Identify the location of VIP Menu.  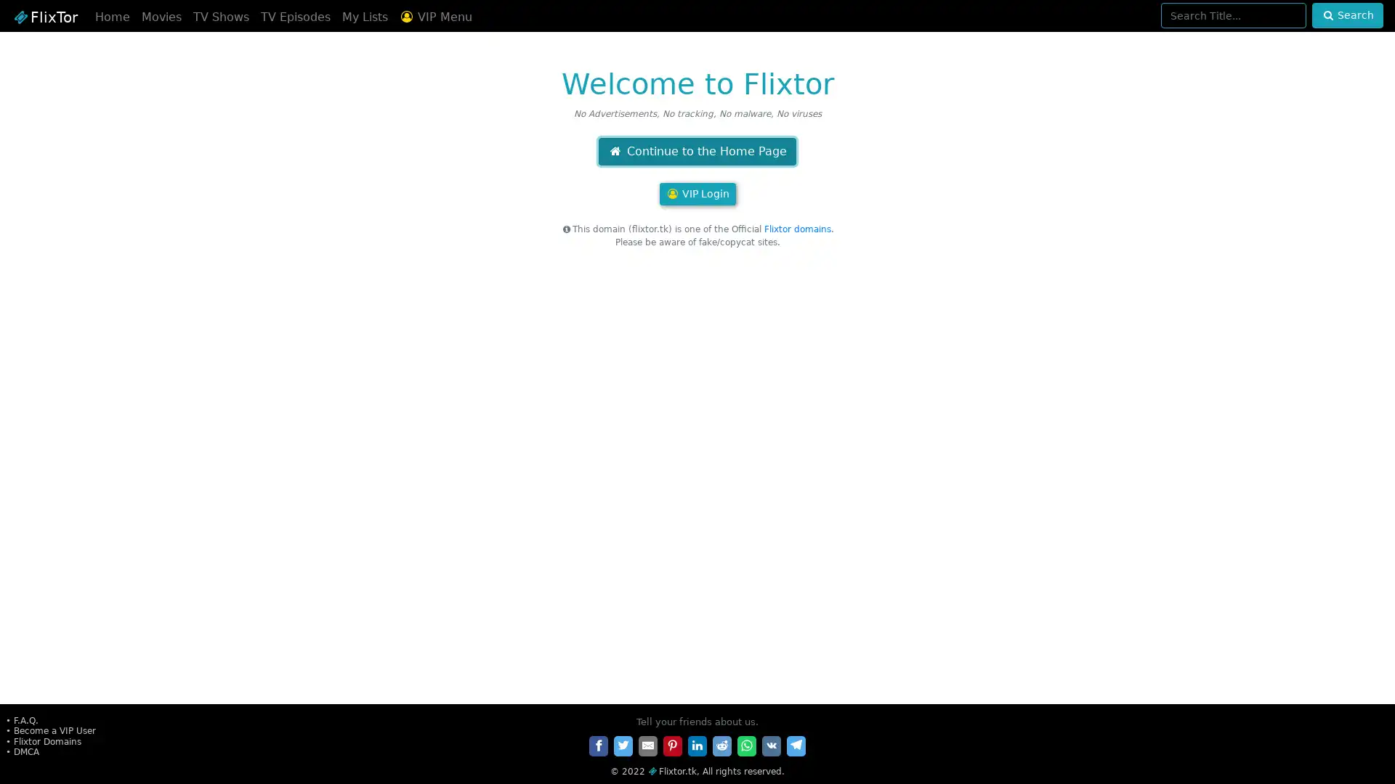
(434, 17).